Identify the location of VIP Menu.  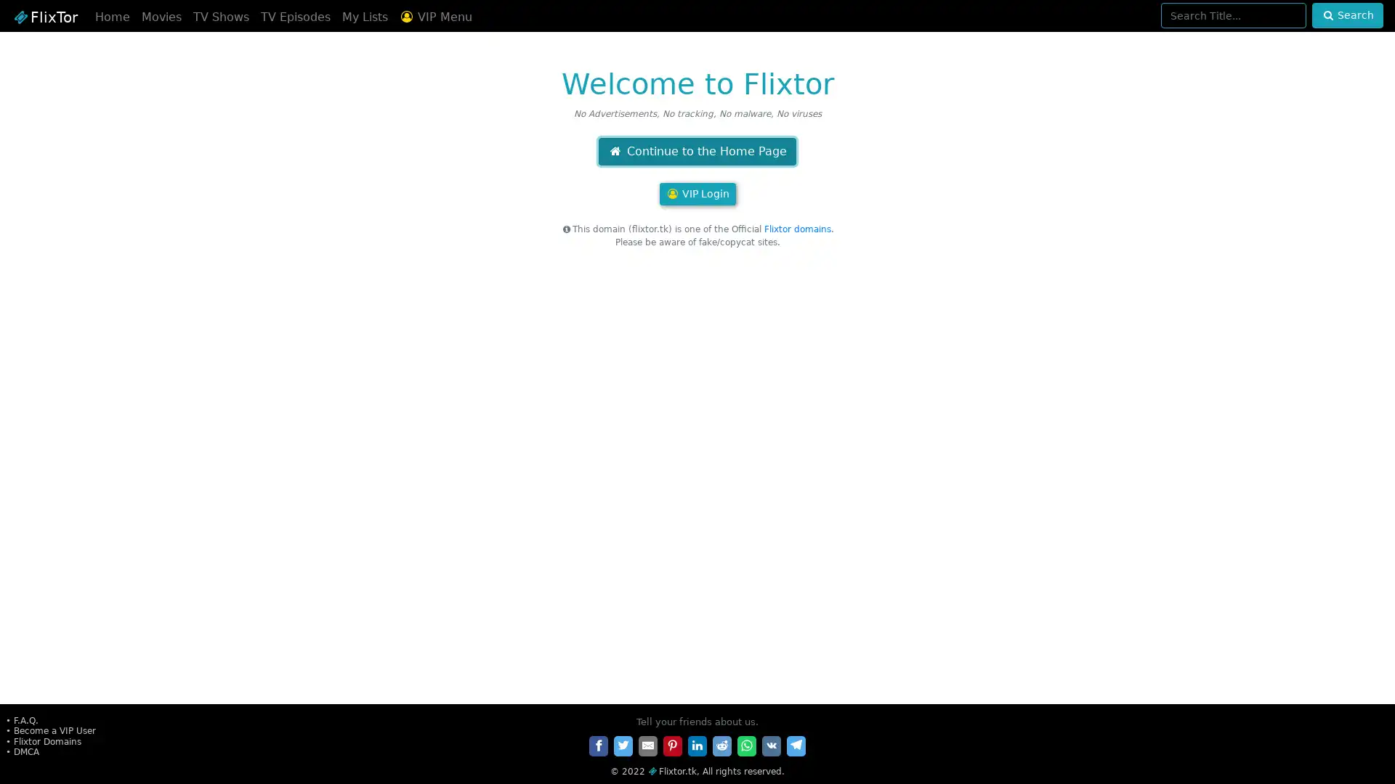
(434, 17).